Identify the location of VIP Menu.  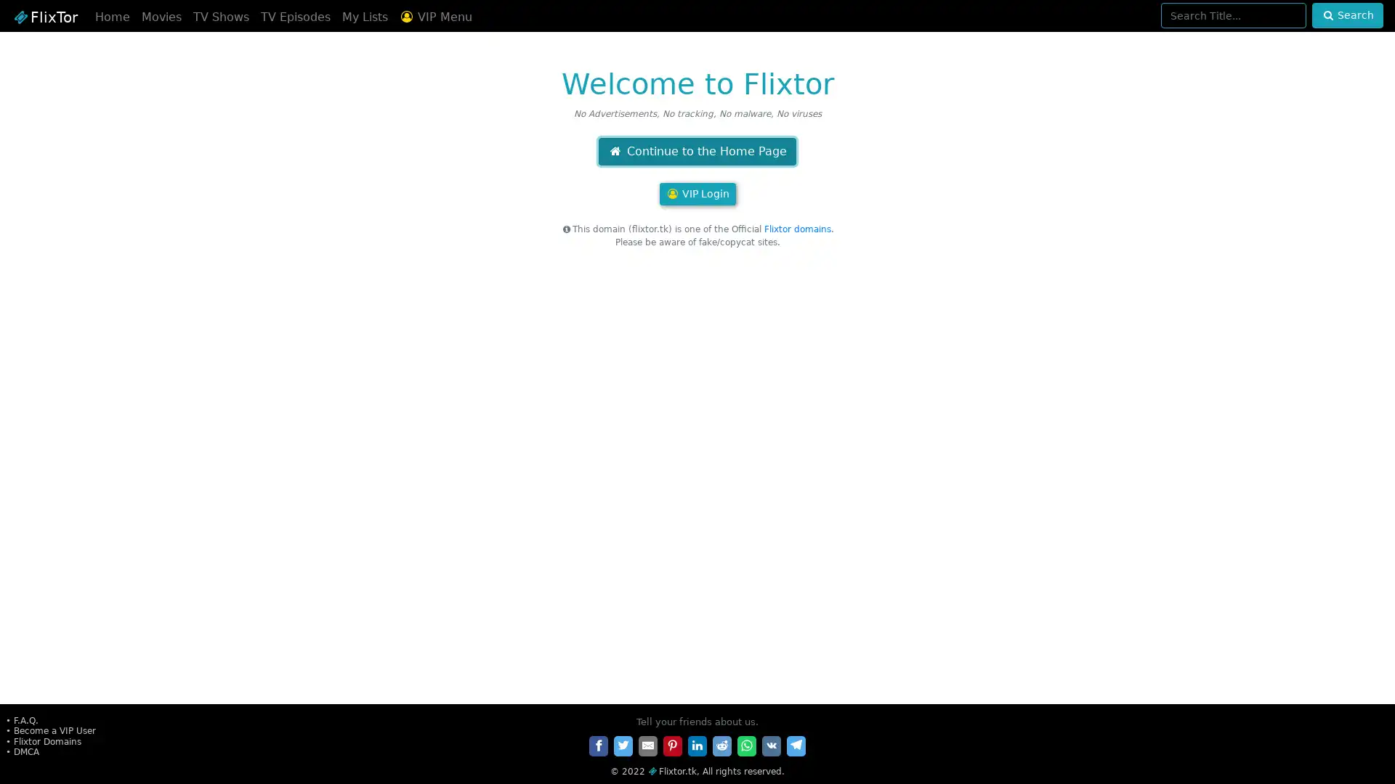
(434, 17).